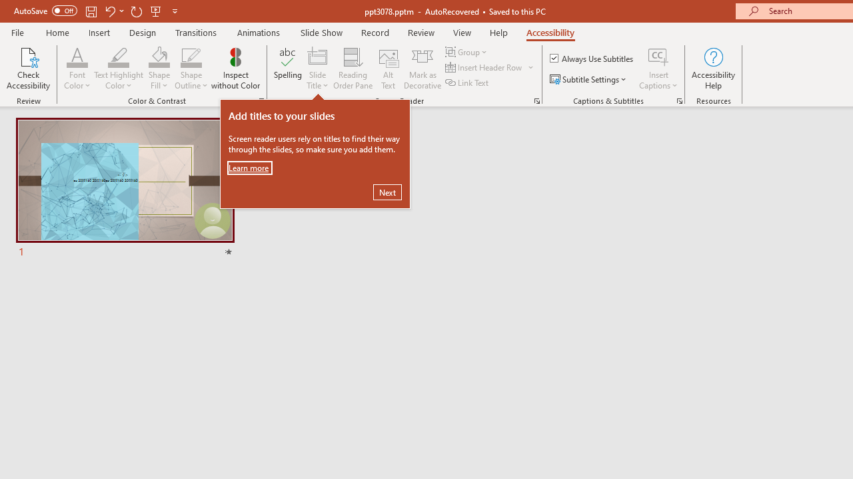 The width and height of the screenshot is (853, 479). Describe the element at coordinates (353, 69) in the screenshot. I see `'Reading Order Pane'` at that location.